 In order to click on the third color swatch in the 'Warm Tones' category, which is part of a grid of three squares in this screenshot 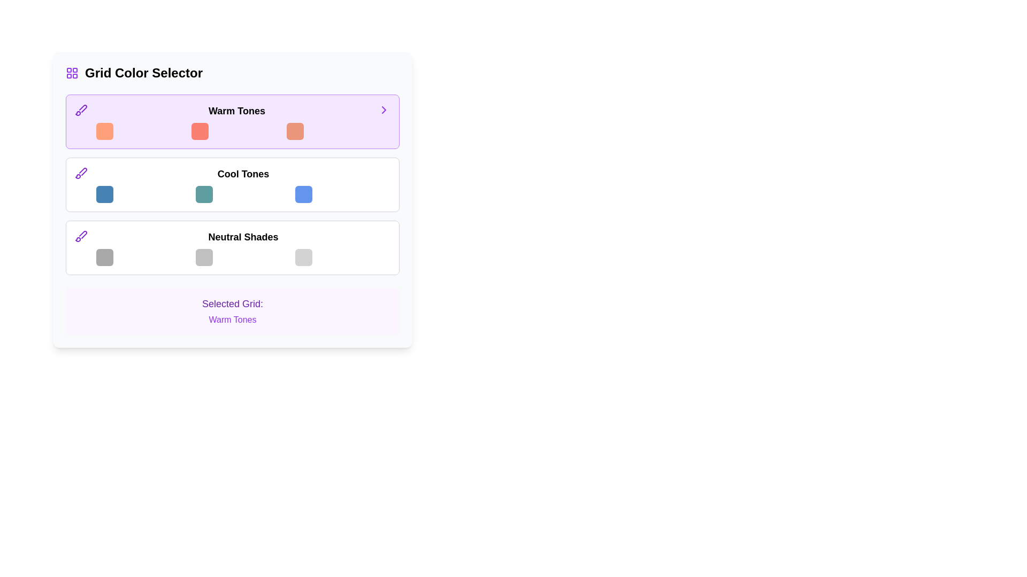, I will do `click(295, 131)`.